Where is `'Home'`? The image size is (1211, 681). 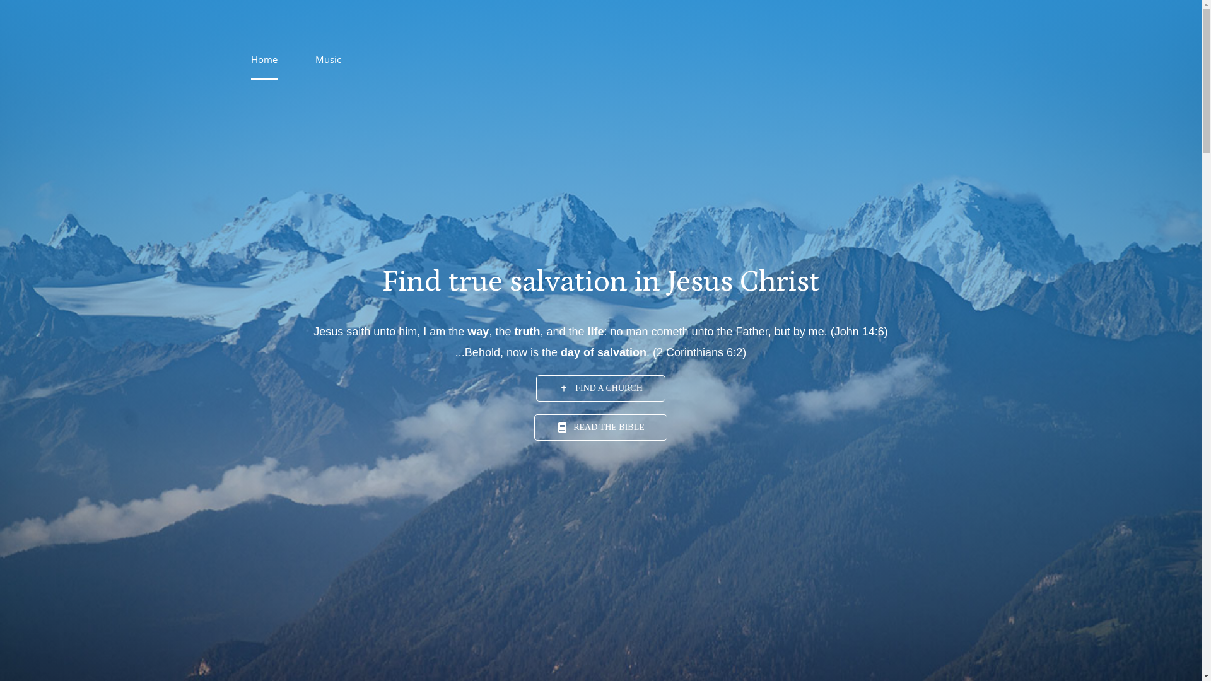 'Home' is located at coordinates (263, 59).